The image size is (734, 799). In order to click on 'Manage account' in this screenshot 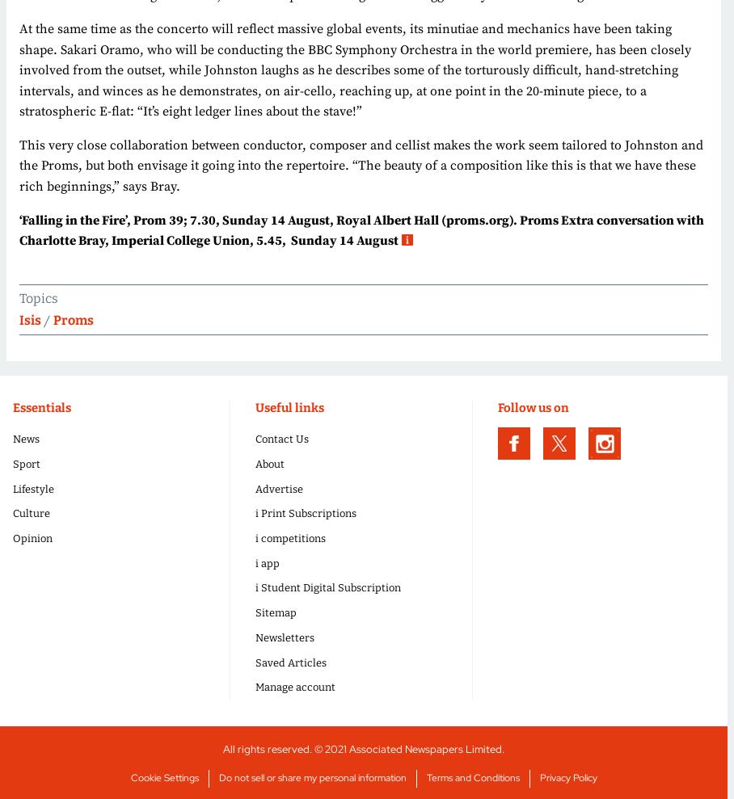, I will do `click(295, 687)`.